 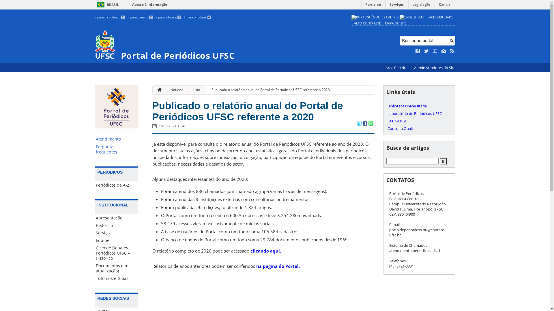 What do you see at coordinates (116, 278) in the screenshot?
I see `'Tutoriais e Guias'` at bounding box center [116, 278].